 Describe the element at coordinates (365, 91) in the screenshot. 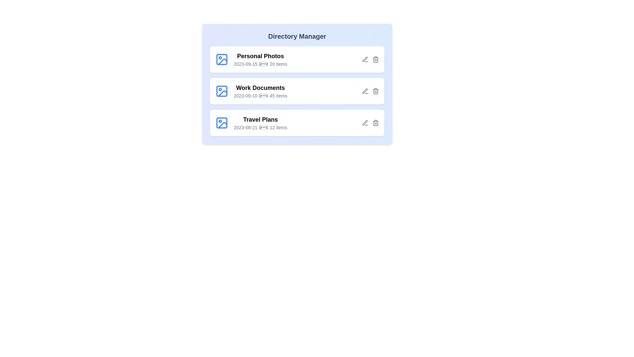

I see `the edit icon for the directory Work Documents` at that location.